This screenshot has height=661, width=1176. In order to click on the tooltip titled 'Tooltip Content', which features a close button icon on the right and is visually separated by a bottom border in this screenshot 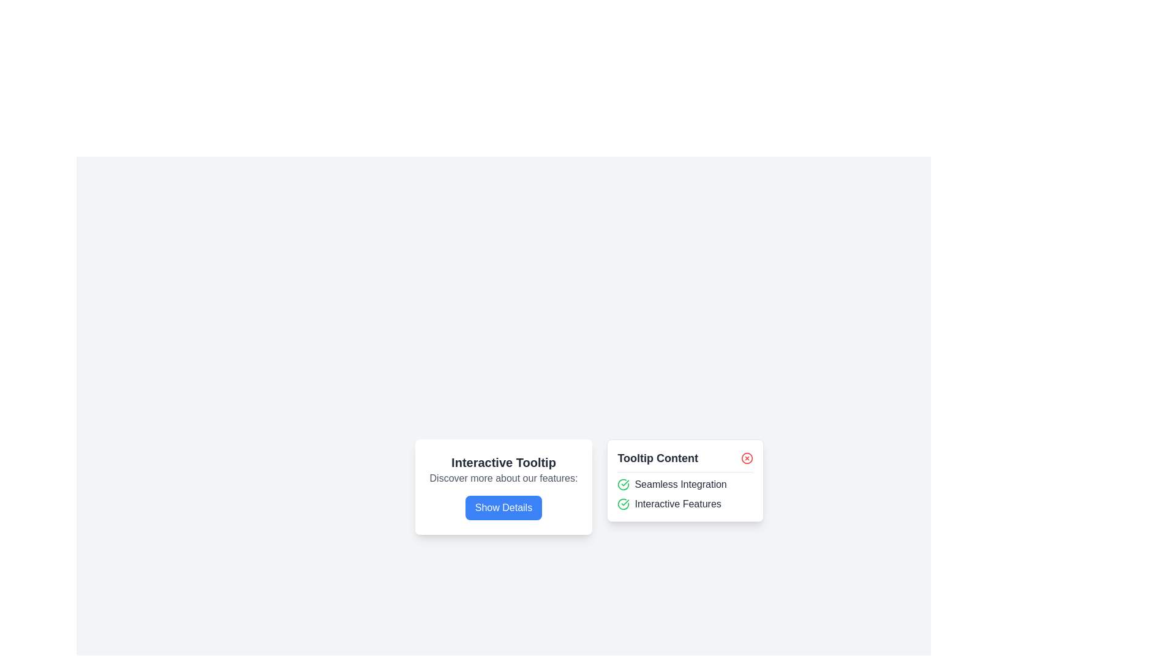, I will do `click(685, 461)`.